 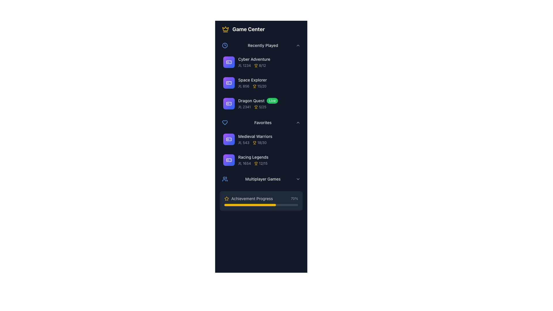 I want to click on the 'Achievement Progress' text label with the yellow star icon, located towards the bottom of the 'Multiplayer Games' section, adjacent to the progress bar, so click(x=249, y=198).